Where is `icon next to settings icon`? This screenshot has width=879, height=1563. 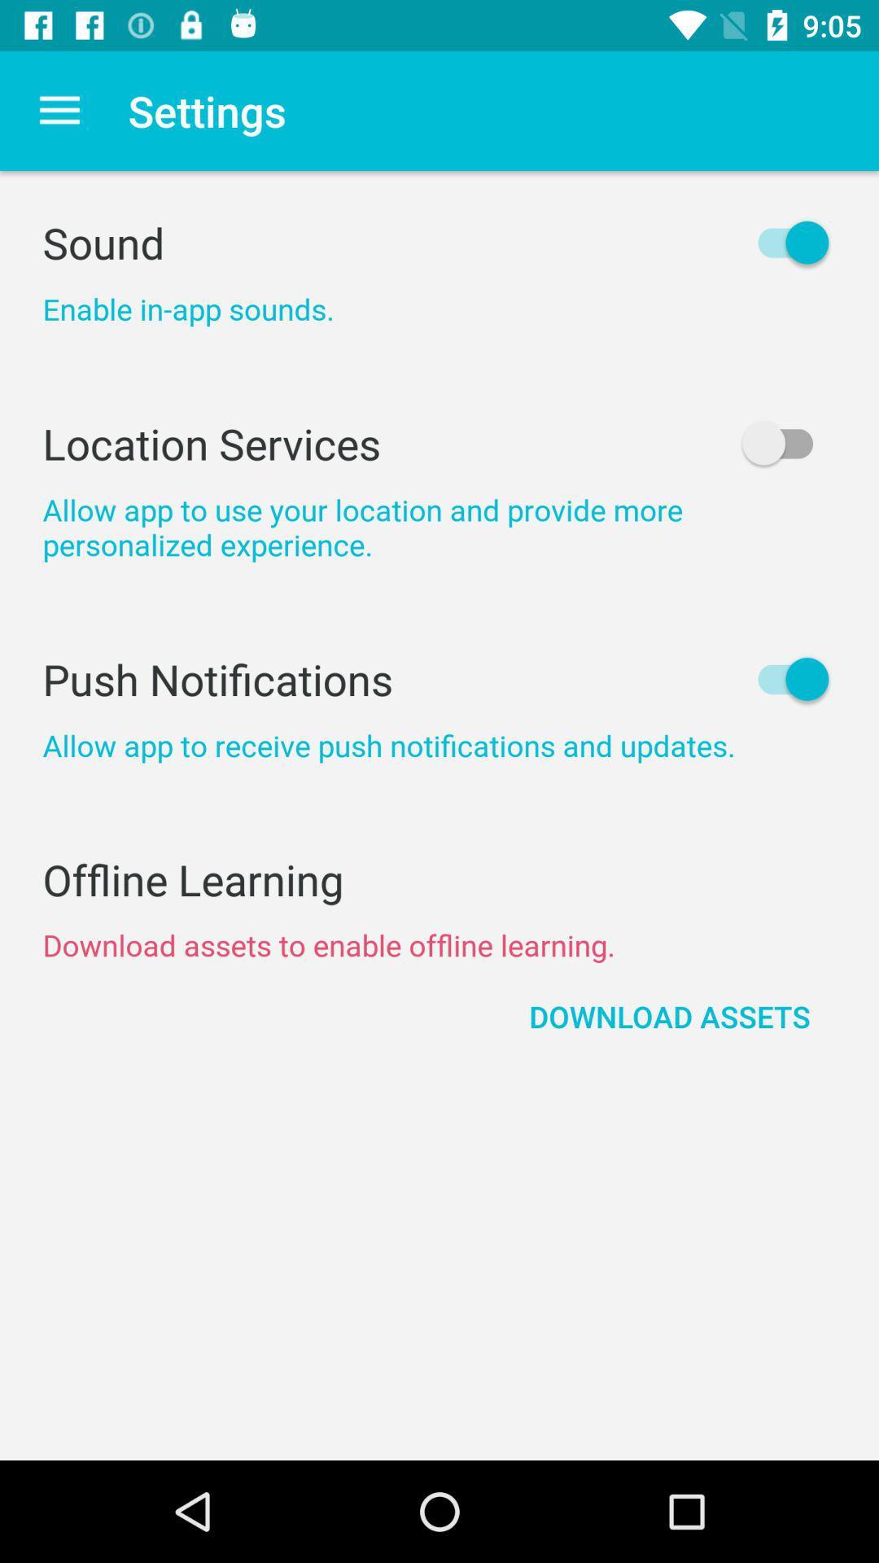 icon next to settings icon is located at coordinates (59, 110).